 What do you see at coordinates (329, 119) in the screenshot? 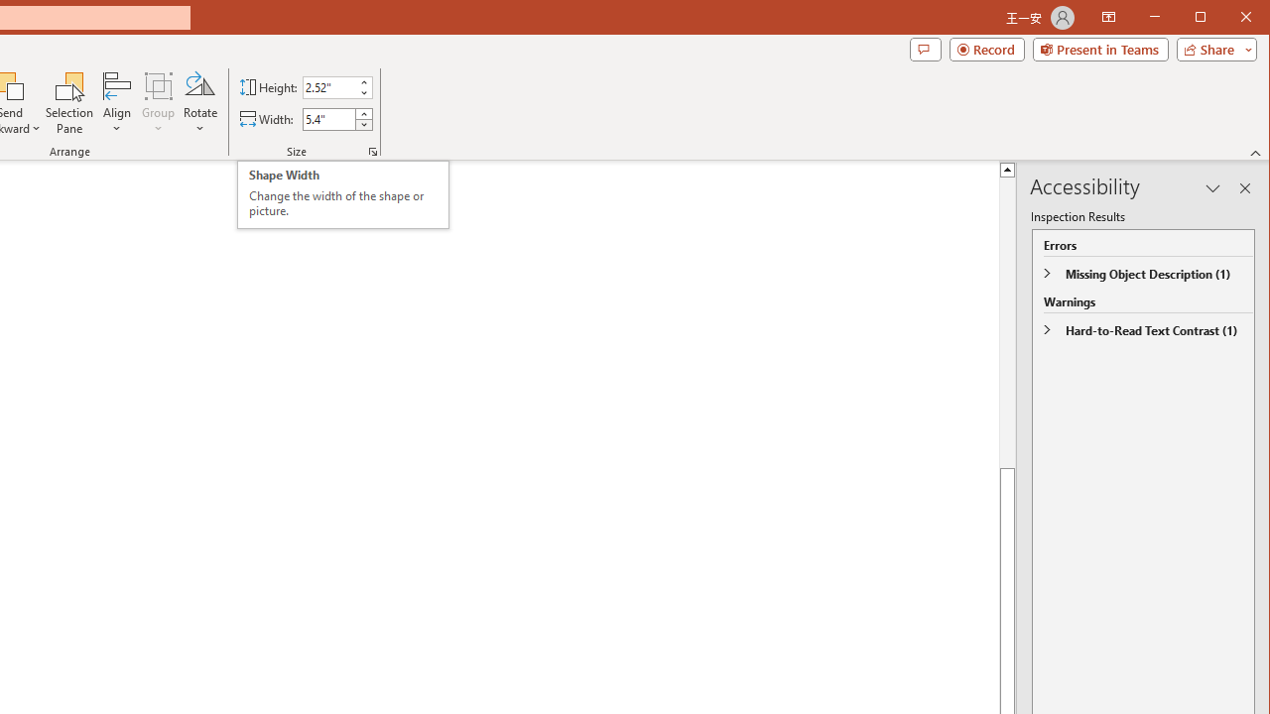
I see `'Shape Width'` at bounding box center [329, 119].